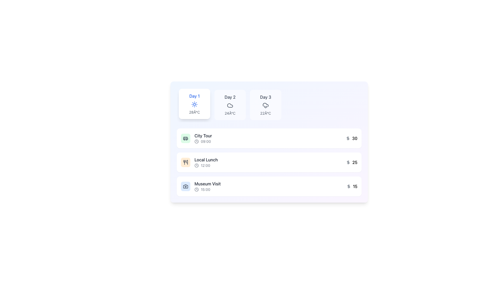 This screenshot has width=502, height=282. I want to click on accessibility properties of the small circular clock icon located to the left of the text '15:00' in the 'Museum Visit' entry, so click(196, 189).